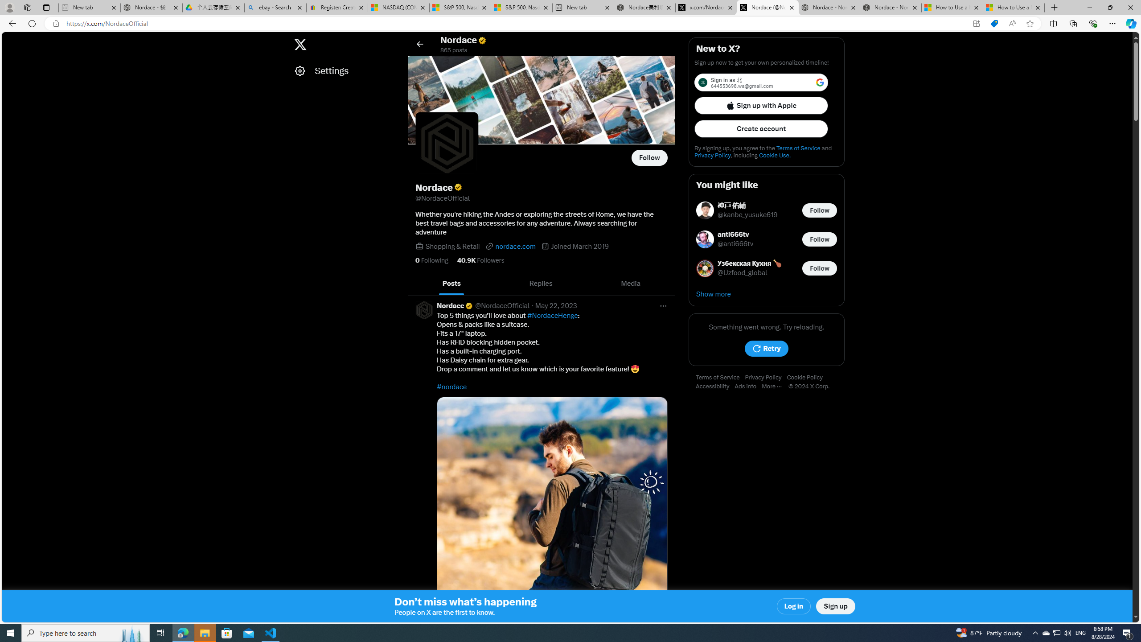 The height and width of the screenshot is (642, 1141). What do you see at coordinates (748, 215) in the screenshot?
I see `'@kanbe_yusuke619'` at bounding box center [748, 215].